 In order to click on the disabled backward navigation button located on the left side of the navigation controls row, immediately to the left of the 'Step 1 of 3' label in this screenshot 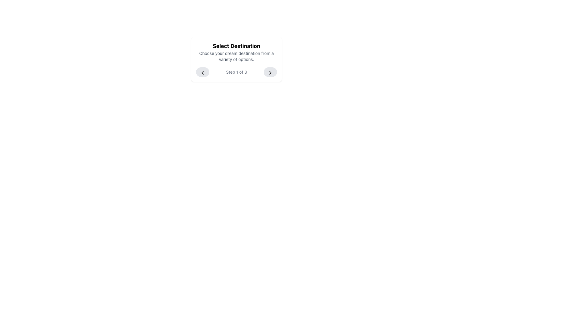, I will do `click(203, 72)`.